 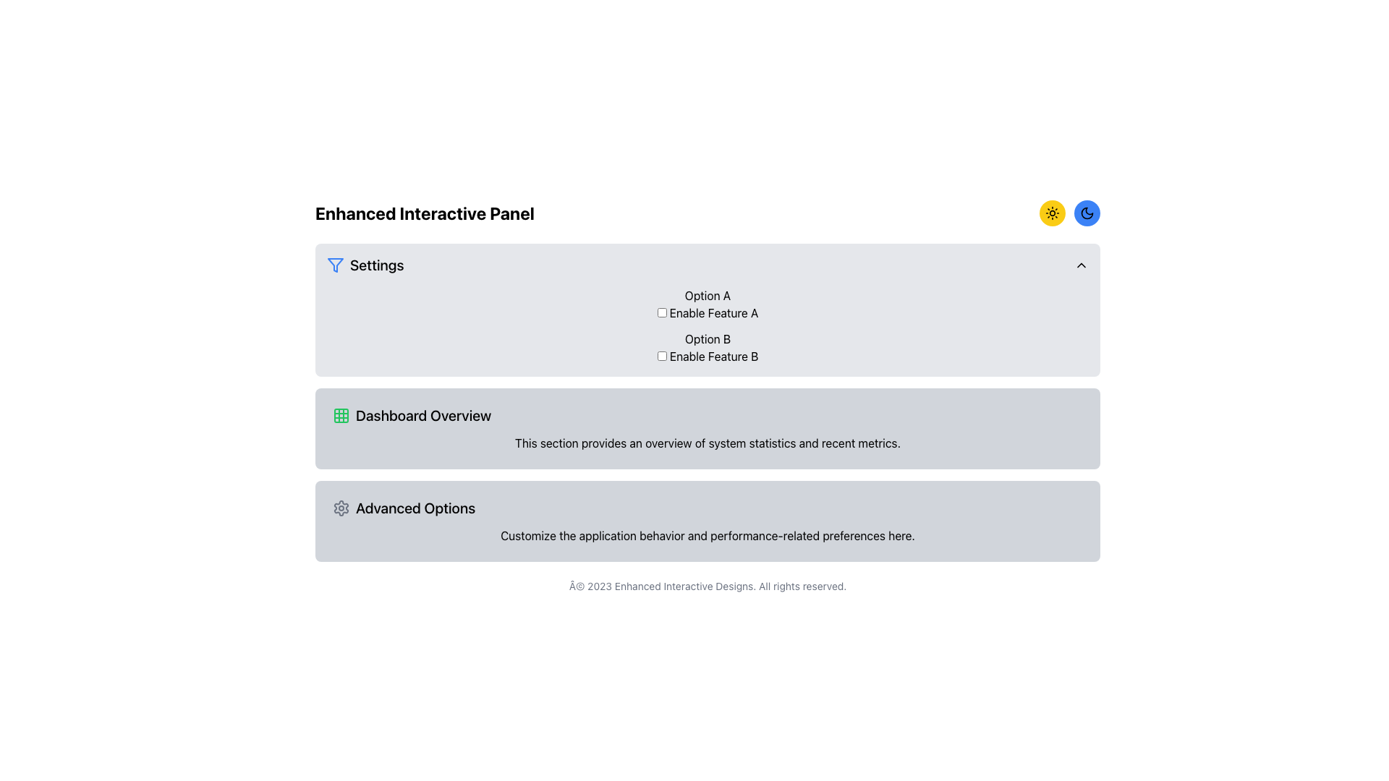 I want to click on the blue-colored filter icon, which is an inverted triangle with a small rectangle at its tip, located to the left of the 'Settings' text in the Settings section header, so click(x=335, y=265).